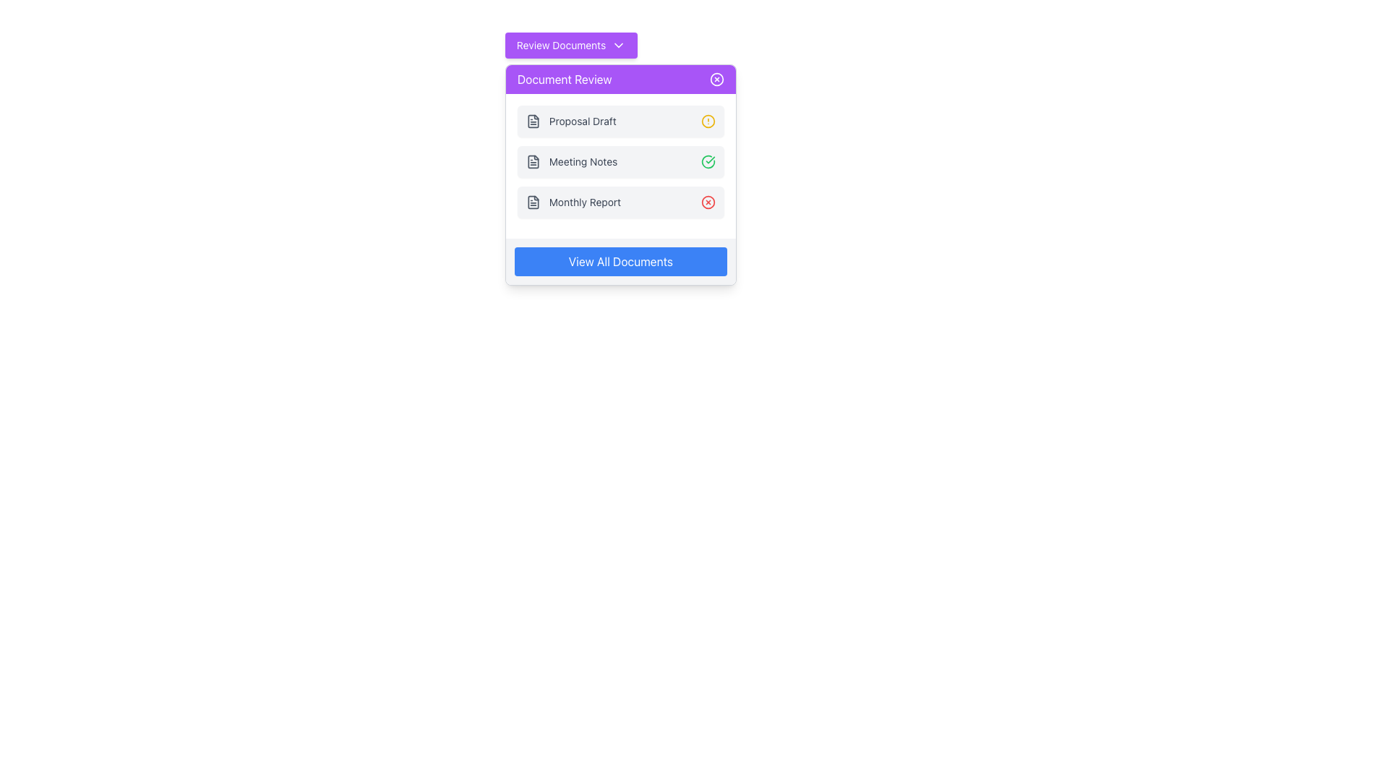 This screenshot has height=781, width=1388. Describe the element at coordinates (532, 161) in the screenshot. I see `the 'Meeting Notes' icon located in the Document Review panel, which is the first icon to the left of the text label 'Meeting Notes'` at that location.